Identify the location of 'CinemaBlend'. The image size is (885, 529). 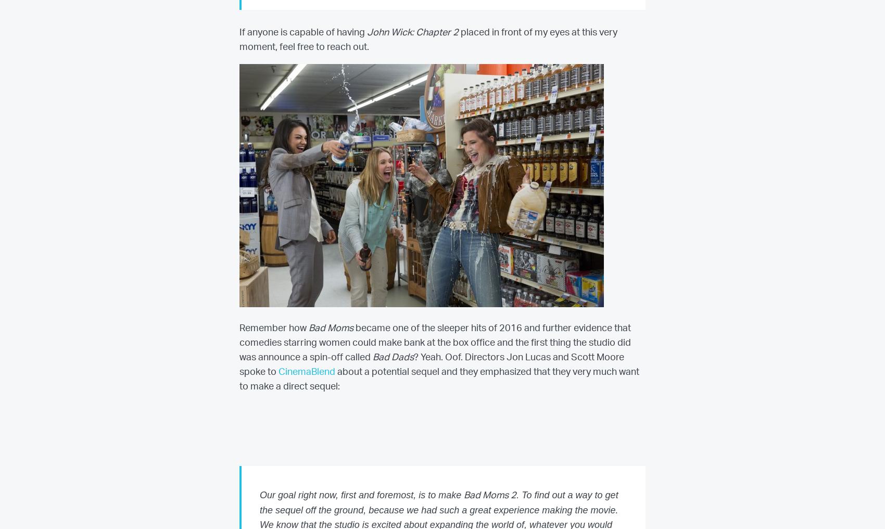
(306, 372).